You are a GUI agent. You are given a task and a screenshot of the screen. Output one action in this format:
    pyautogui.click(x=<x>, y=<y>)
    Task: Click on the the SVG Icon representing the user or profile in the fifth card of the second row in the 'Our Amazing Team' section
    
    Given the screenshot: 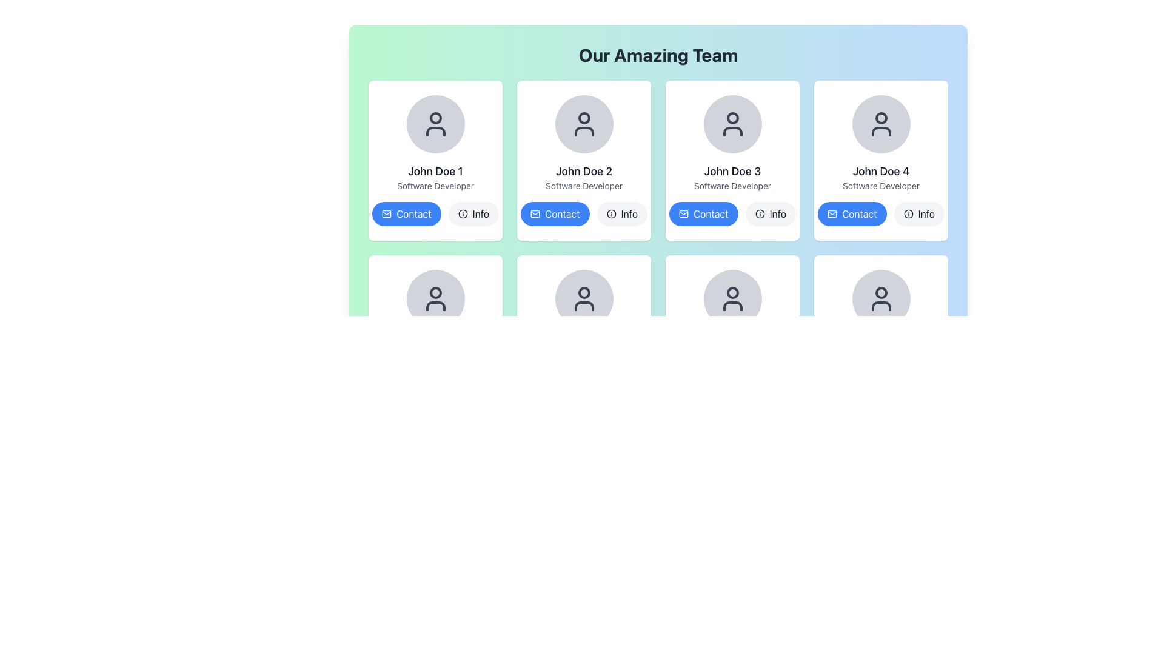 What is the action you would take?
    pyautogui.click(x=732, y=299)
    